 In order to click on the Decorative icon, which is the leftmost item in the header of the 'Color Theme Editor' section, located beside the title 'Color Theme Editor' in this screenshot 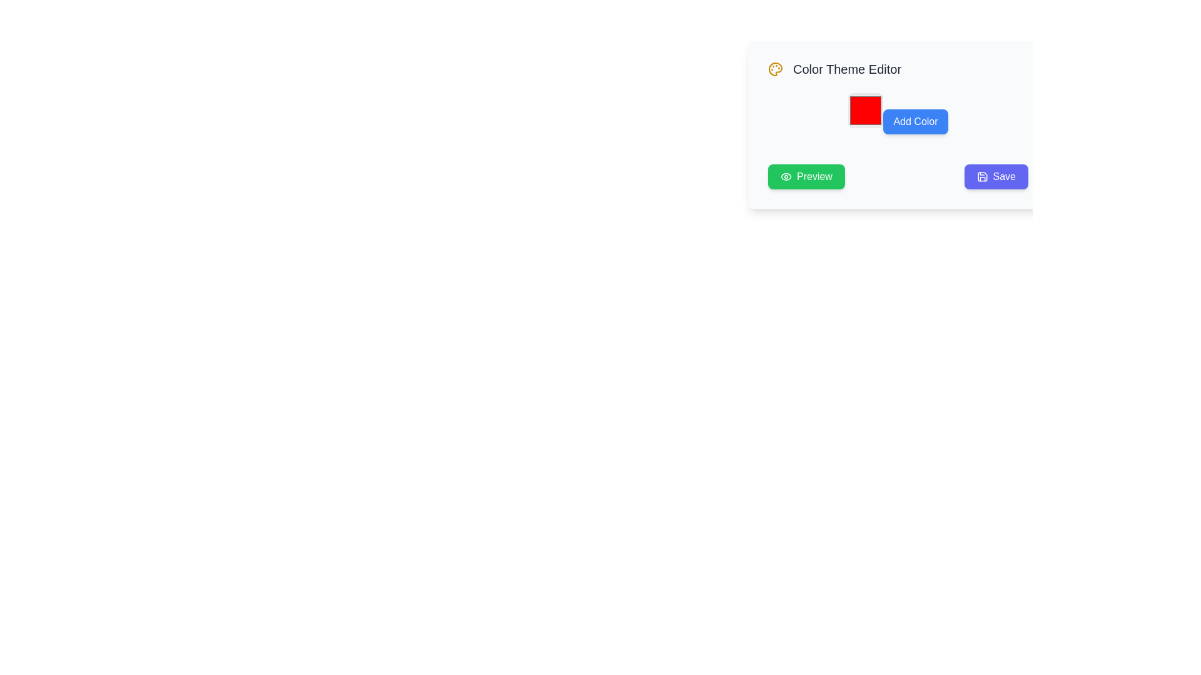, I will do `click(774, 69)`.